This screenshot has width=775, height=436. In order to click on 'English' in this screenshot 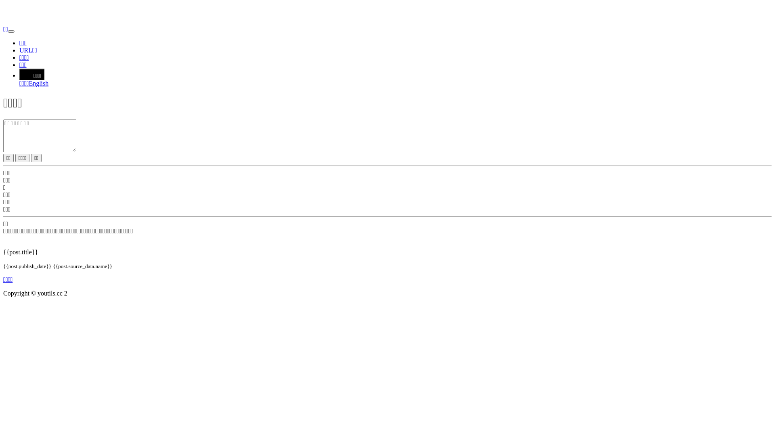, I will do `click(38, 83)`.